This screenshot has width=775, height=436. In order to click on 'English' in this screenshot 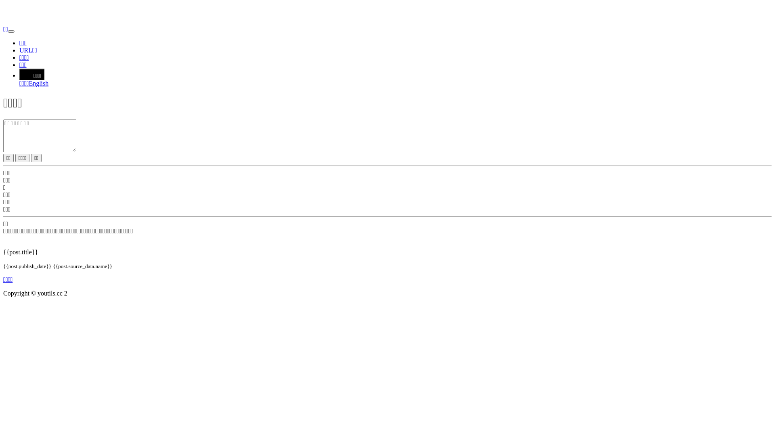, I will do `click(38, 83)`.